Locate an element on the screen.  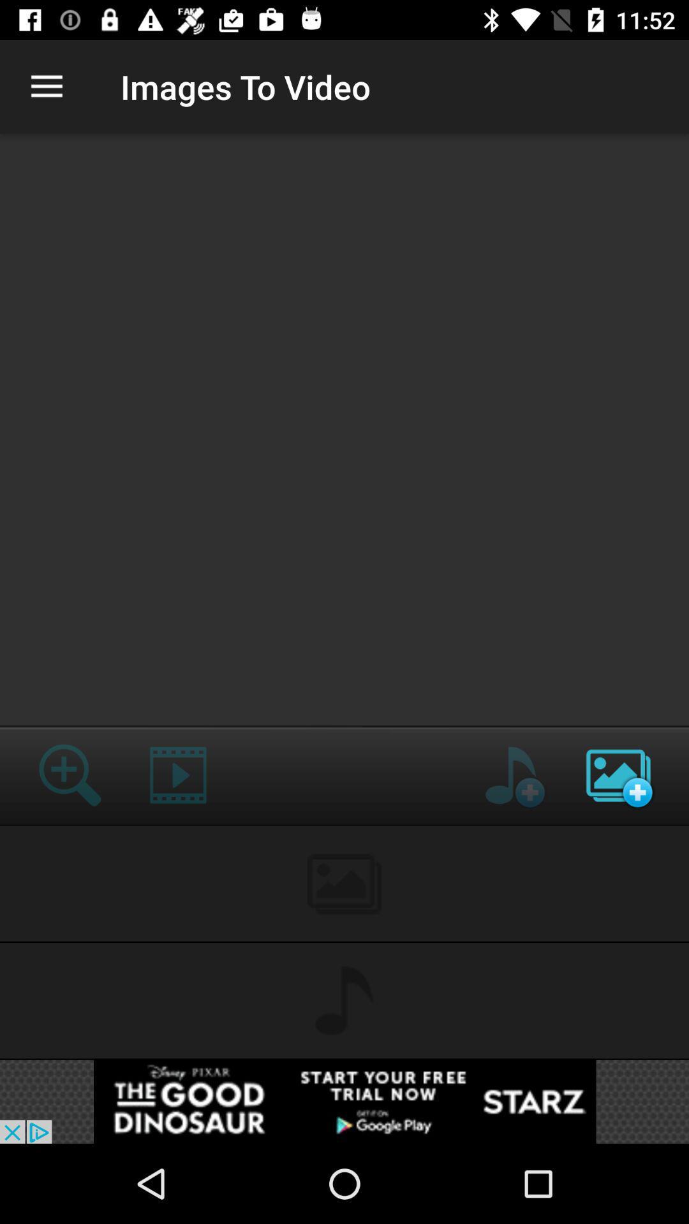
the play icon is located at coordinates (178, 775).